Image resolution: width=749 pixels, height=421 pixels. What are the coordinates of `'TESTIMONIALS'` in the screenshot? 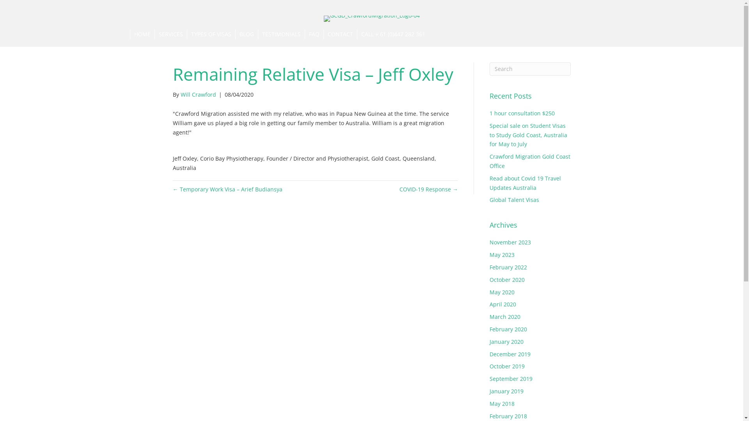 It's located at (281, 34).